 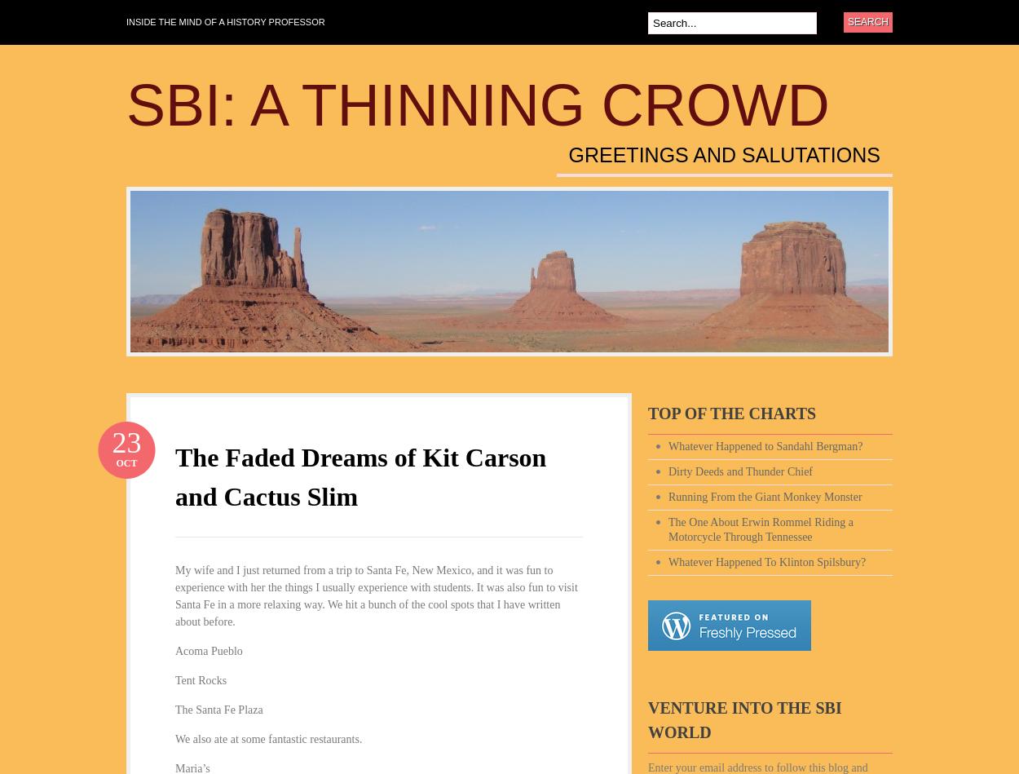 I want to click on 'Whatever Happened to Sandahl Bergman?', so click(x=668, y=445).